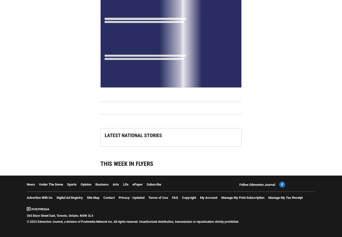 This screenshot has height=237, width=342. Describe the element at coordinates (189, 198) in the screenshot. I see `'Copyright'` at that location.